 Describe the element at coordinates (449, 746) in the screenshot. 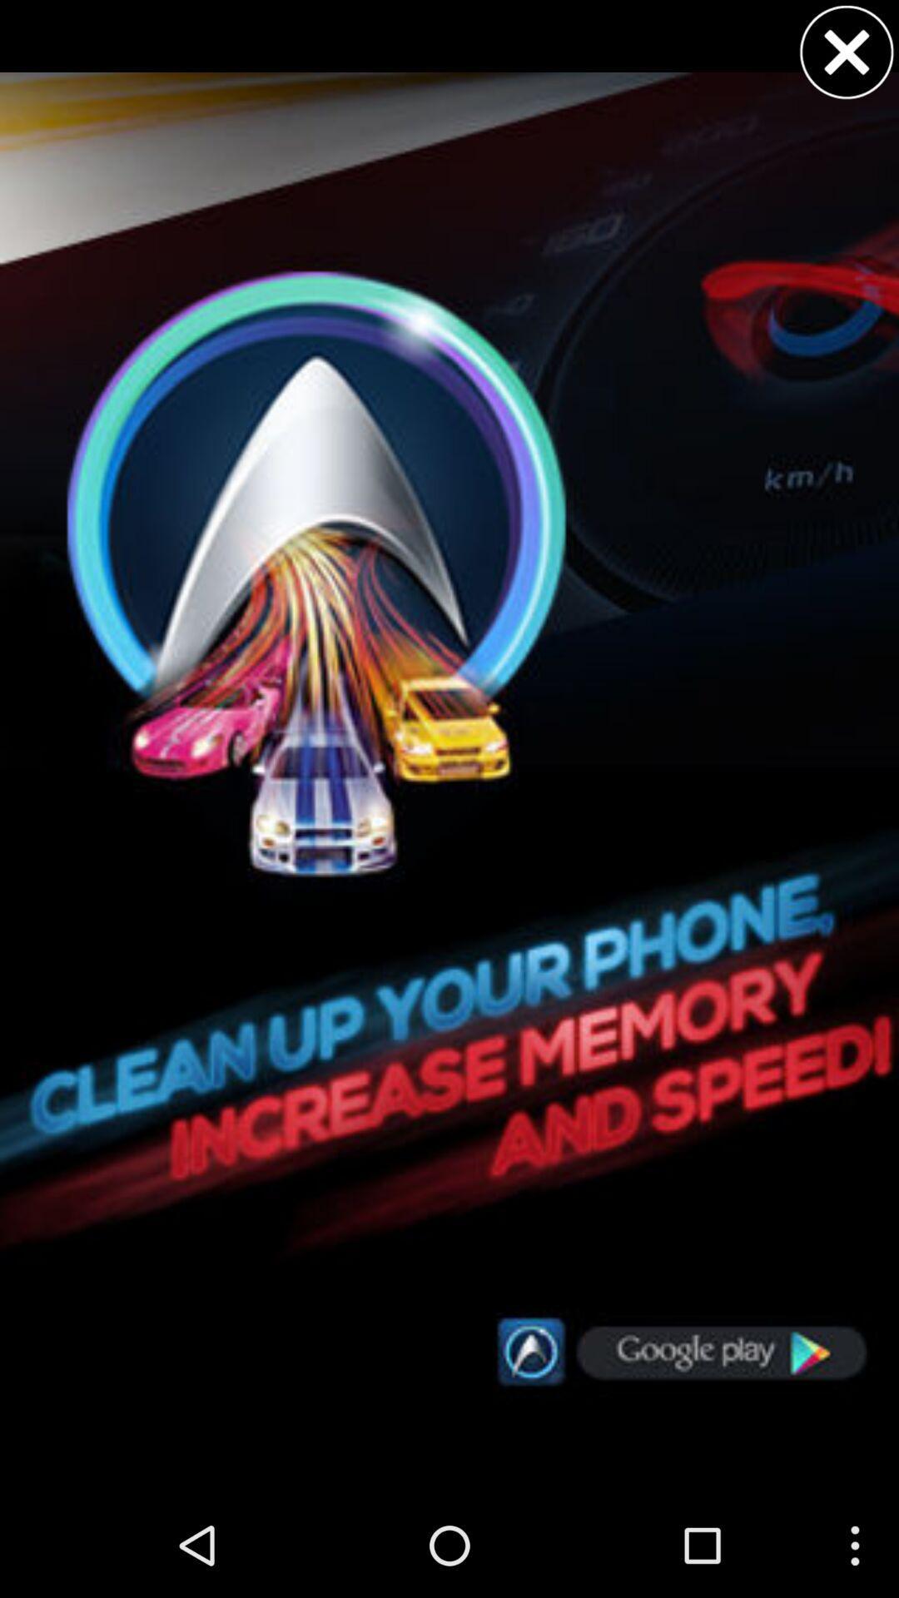

I see `the item at the center` at that location.